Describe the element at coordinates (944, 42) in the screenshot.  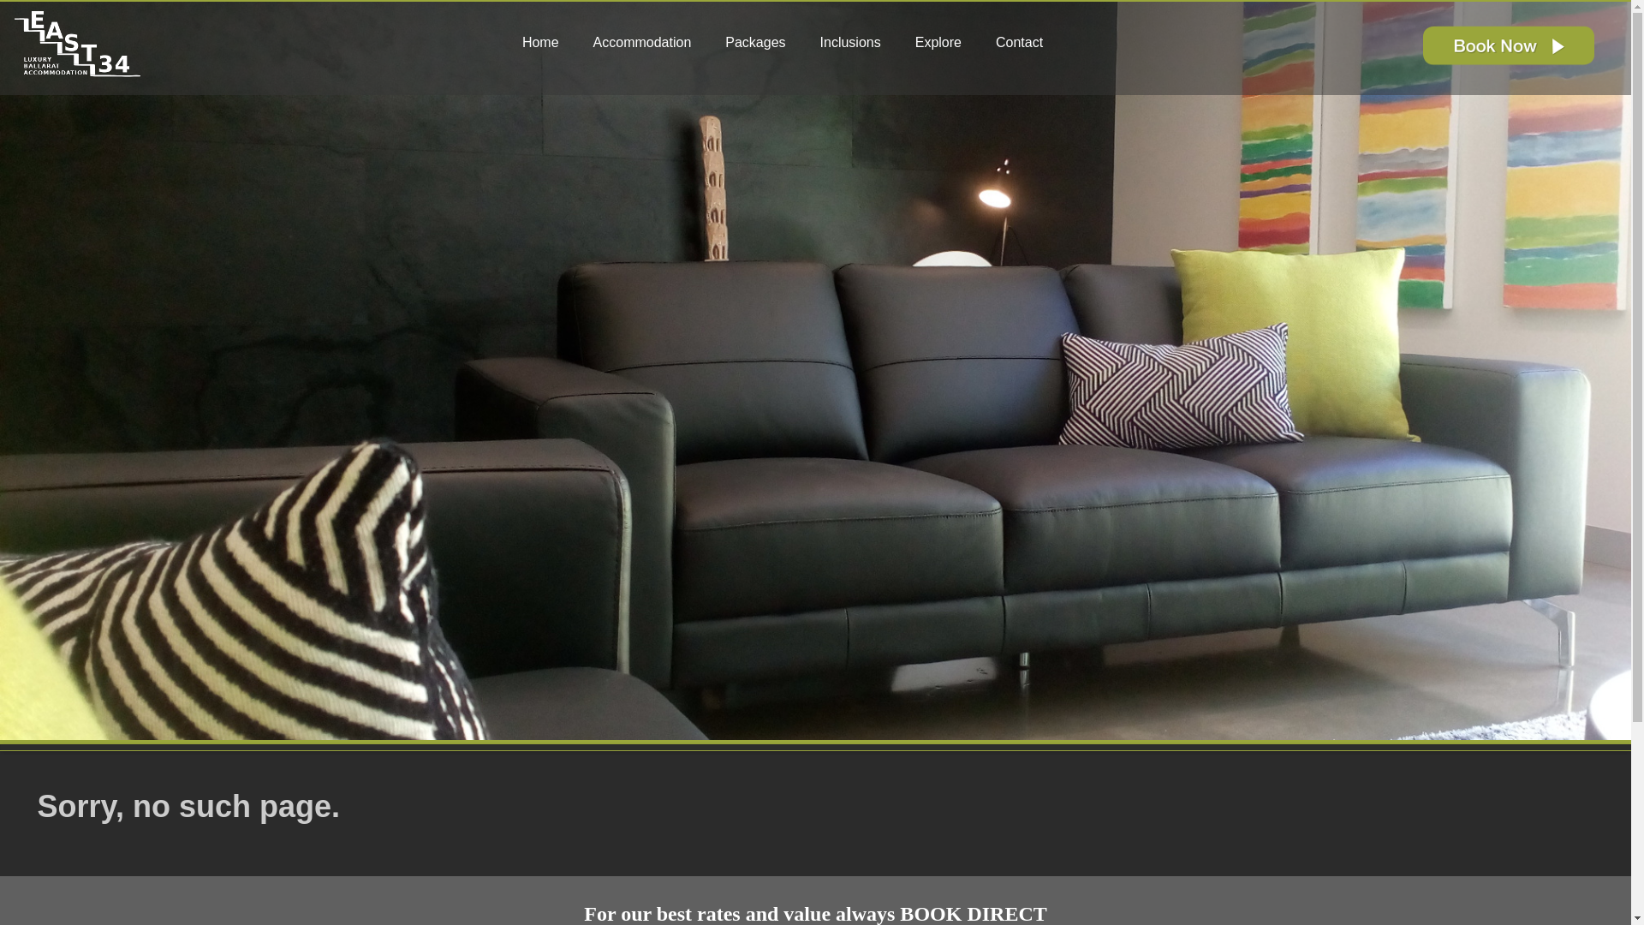
I see `'Explore'` at that location.